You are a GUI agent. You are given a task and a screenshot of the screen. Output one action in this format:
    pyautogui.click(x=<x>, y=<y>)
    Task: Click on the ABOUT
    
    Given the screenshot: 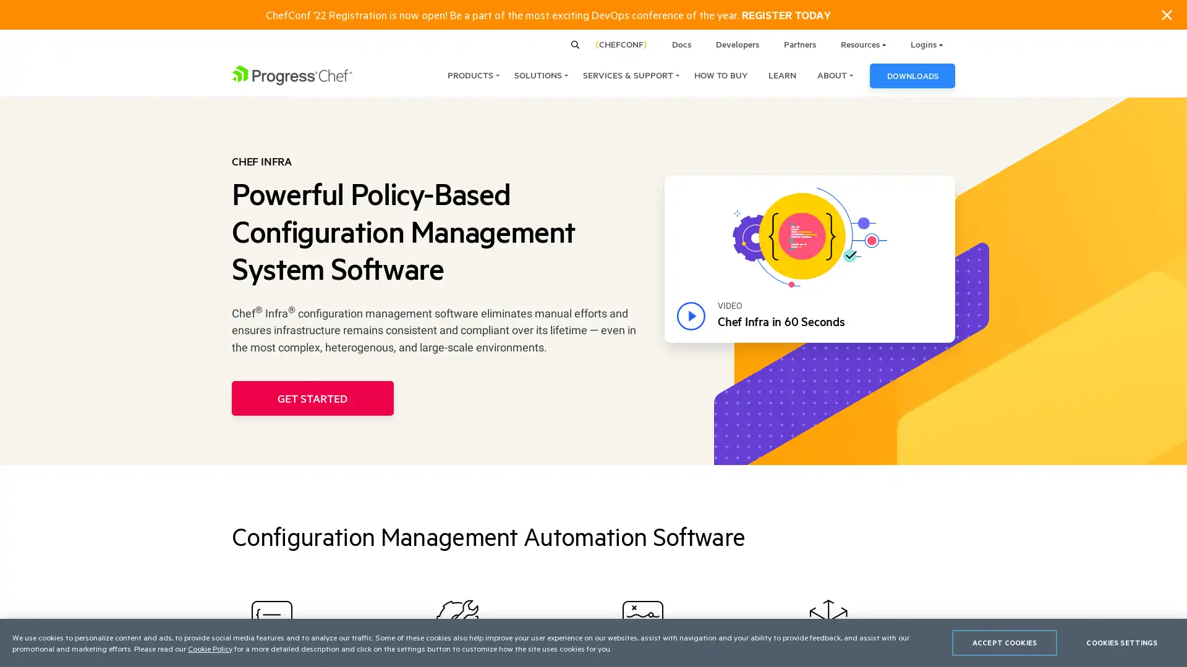 What is the action you would take?
    pyautogui.click(x=832, y=75)
    